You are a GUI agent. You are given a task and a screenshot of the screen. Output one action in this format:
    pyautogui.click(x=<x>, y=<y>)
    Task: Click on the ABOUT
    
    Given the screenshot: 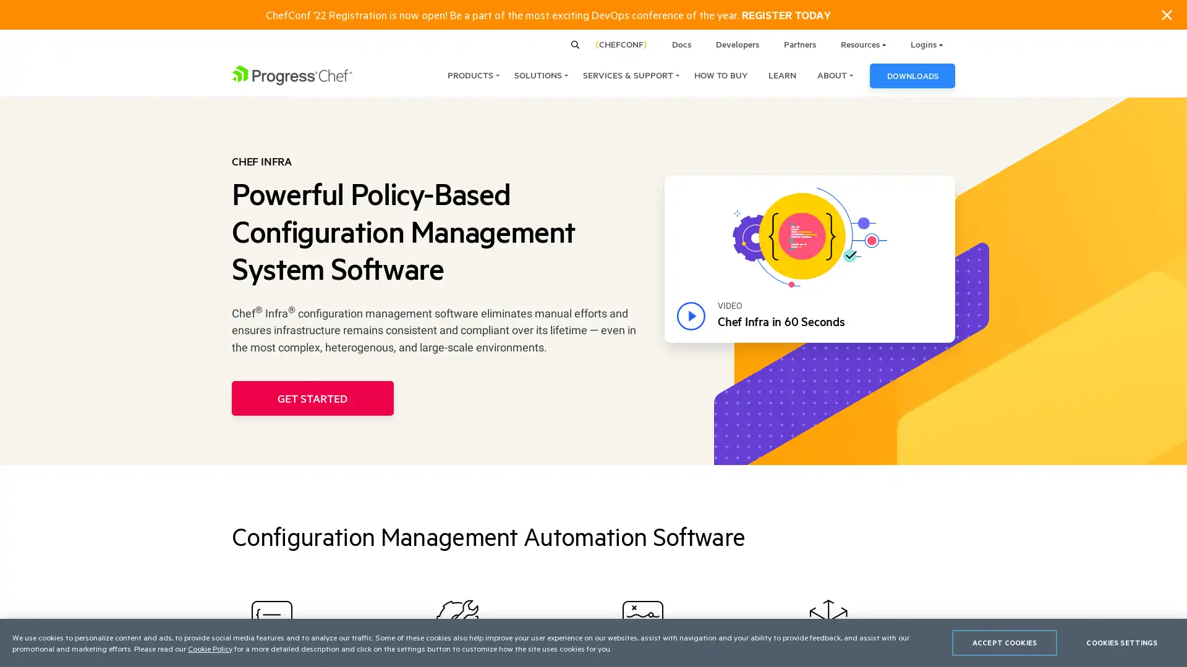 What is the action you would take?
    pyautogui.click(x=832, y=75)
    